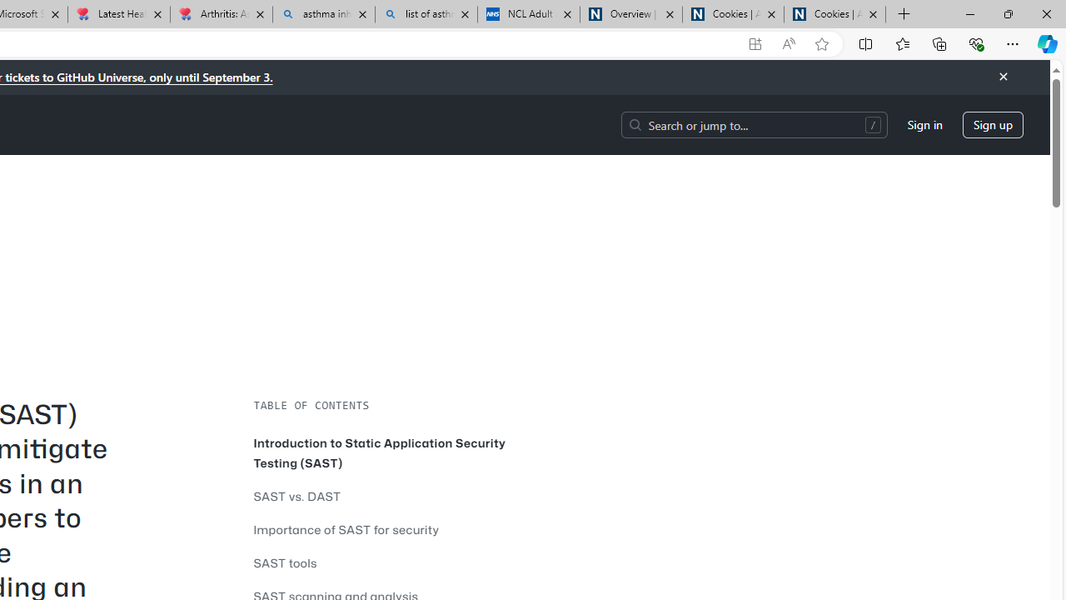 The width and height of the screenshot is (1066, 600). Describe the element at coordinates (379, 452) in the screenshot. I see `'Introduction to Static Application Security Testing (SAST)'` at that location.